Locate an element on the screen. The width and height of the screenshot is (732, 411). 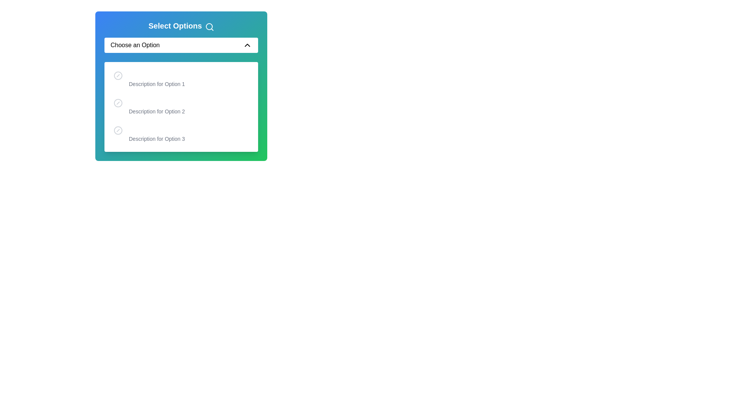
the first selectable option in the dropdown menu is located at coordinates (181, 79).